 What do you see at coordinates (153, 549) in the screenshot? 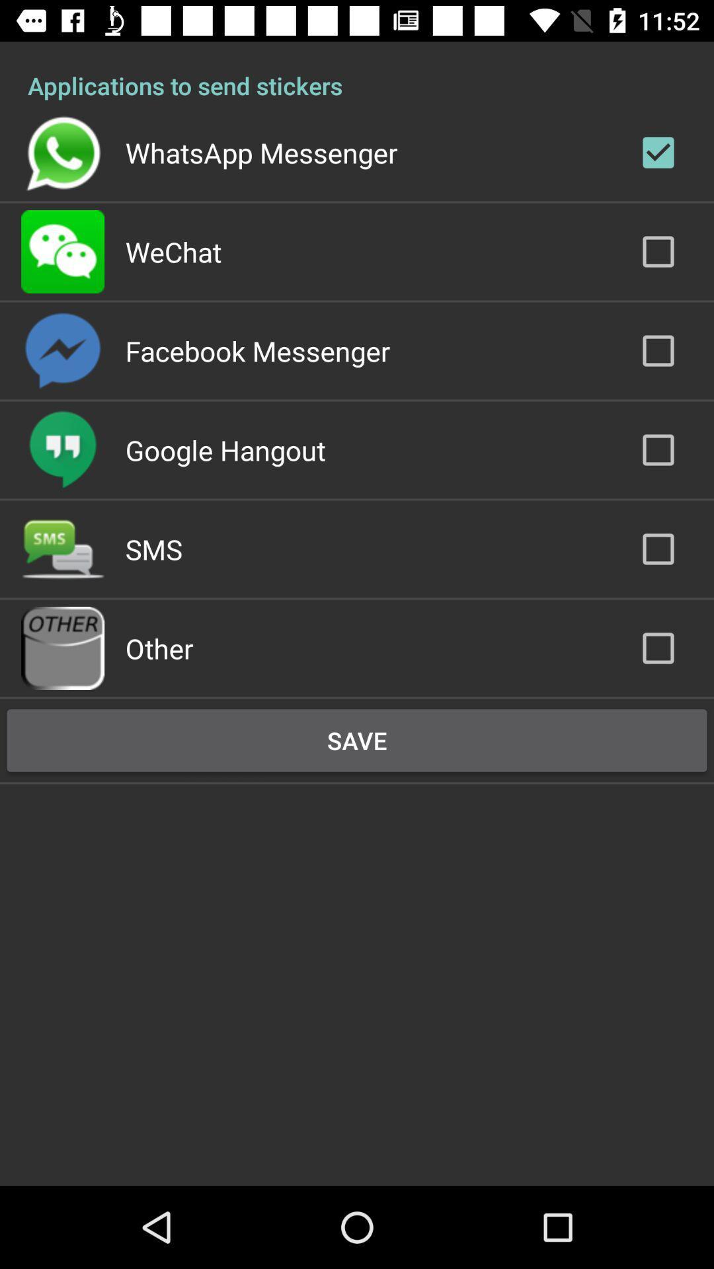
I see `the icon below google hangout item` at bounding box center [153, 549].